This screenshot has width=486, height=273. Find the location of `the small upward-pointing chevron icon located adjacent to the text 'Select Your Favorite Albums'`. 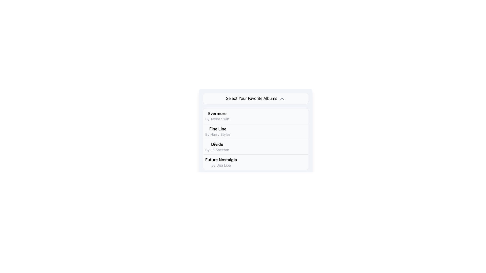

the small upward-pointing chevron icon located adjacent to the text 'Select Your Favorite Albums' is located at coordinates (282, 99).